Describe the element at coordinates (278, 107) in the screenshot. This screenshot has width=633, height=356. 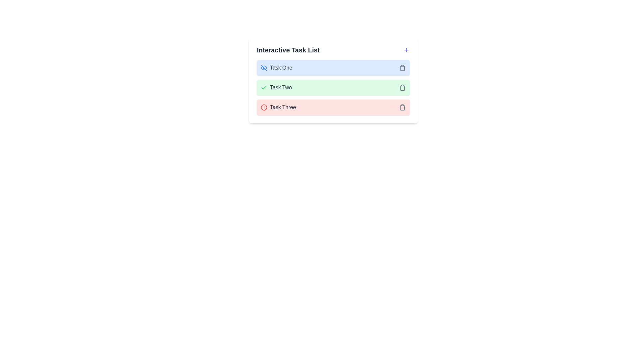
I see `the text of the third task item in the task list, which is visually indicated by a red warning icon` at that location.